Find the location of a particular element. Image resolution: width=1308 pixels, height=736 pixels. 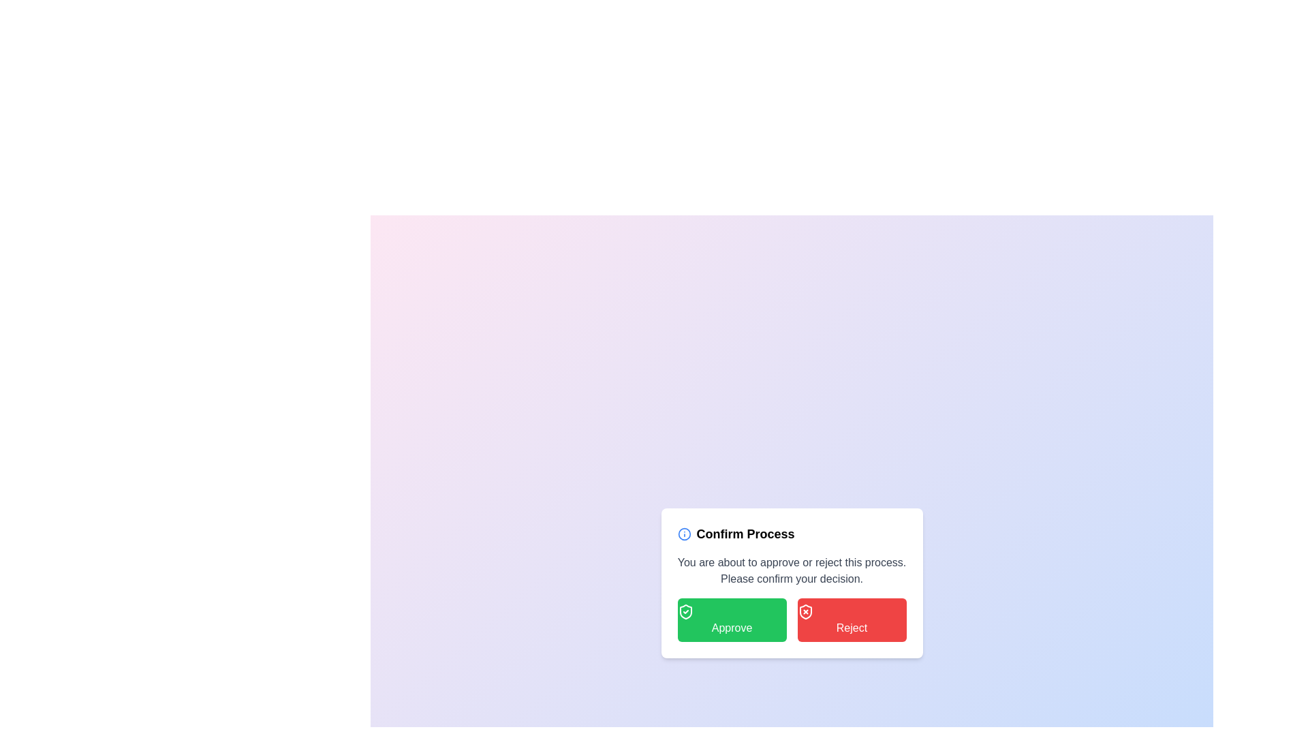

the decorative blue circular icon located to the left of the title 'Confirm Process' in the modal dialog is located at coordinates (684, 533).